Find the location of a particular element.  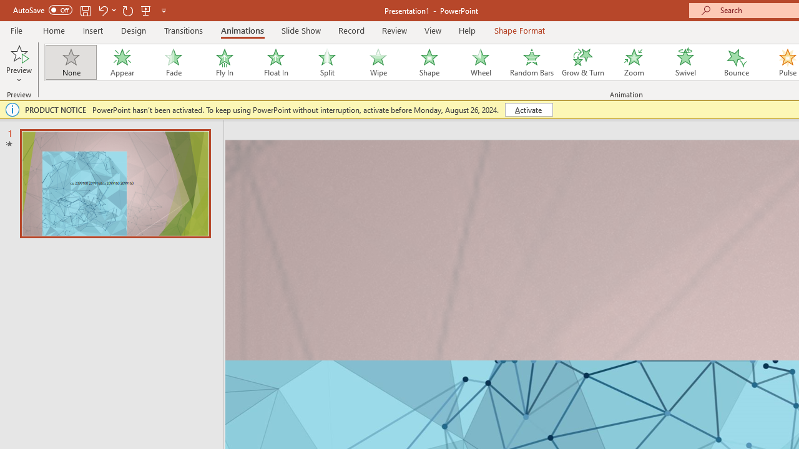

'Grow & Turn' is located at coordinates (582, 62).